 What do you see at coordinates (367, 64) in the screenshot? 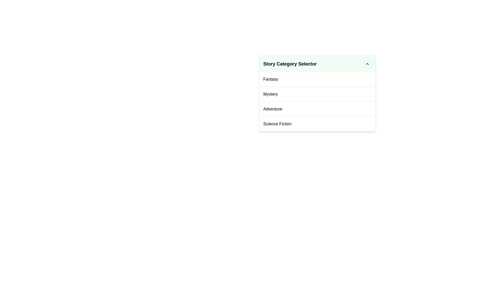
I see `the chevron icon located at the top right corner of the 'Story Category Selector' panel to interact with the collapsible toggle` at bounding box center [367, 64].